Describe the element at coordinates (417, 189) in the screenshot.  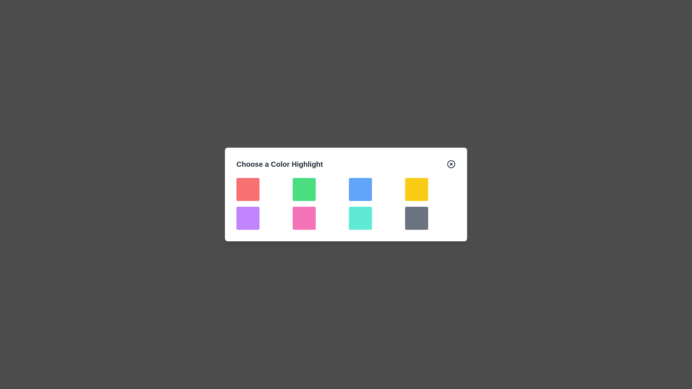
I see `the color block corresponding to yellow` at that location.